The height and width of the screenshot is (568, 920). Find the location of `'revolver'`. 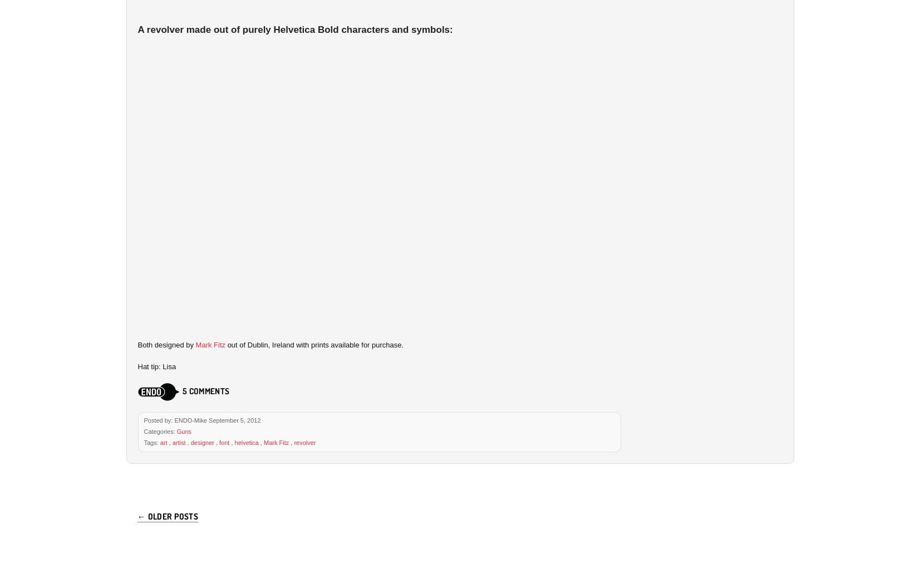

'revolver' is located at coordinates (304, 441).